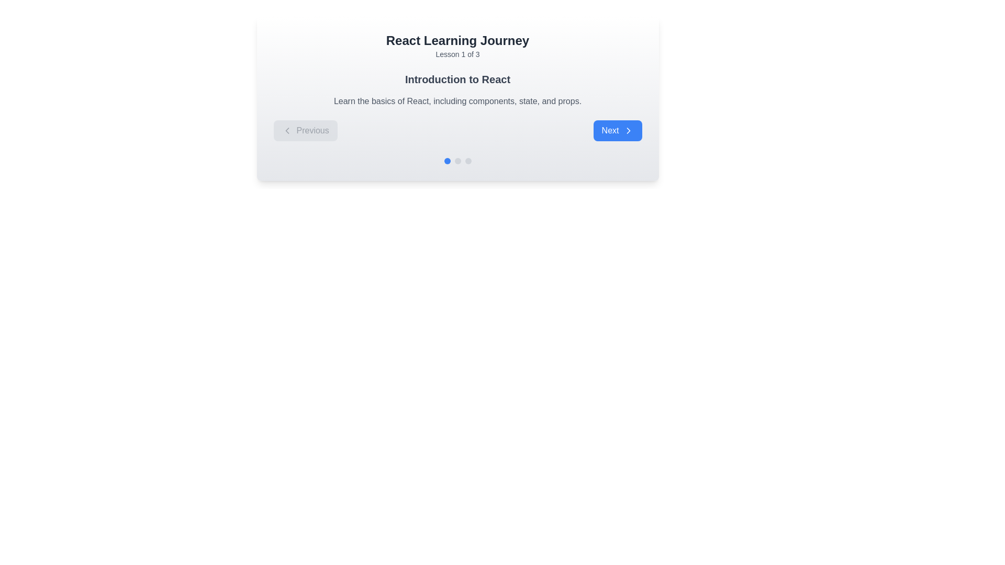  I want to click on the second circular progress indicator, which is visually represented as the middle element in the sequence of three indicators, with a blue indicator on the left and a gray indicator on the right, so click(457, 161).